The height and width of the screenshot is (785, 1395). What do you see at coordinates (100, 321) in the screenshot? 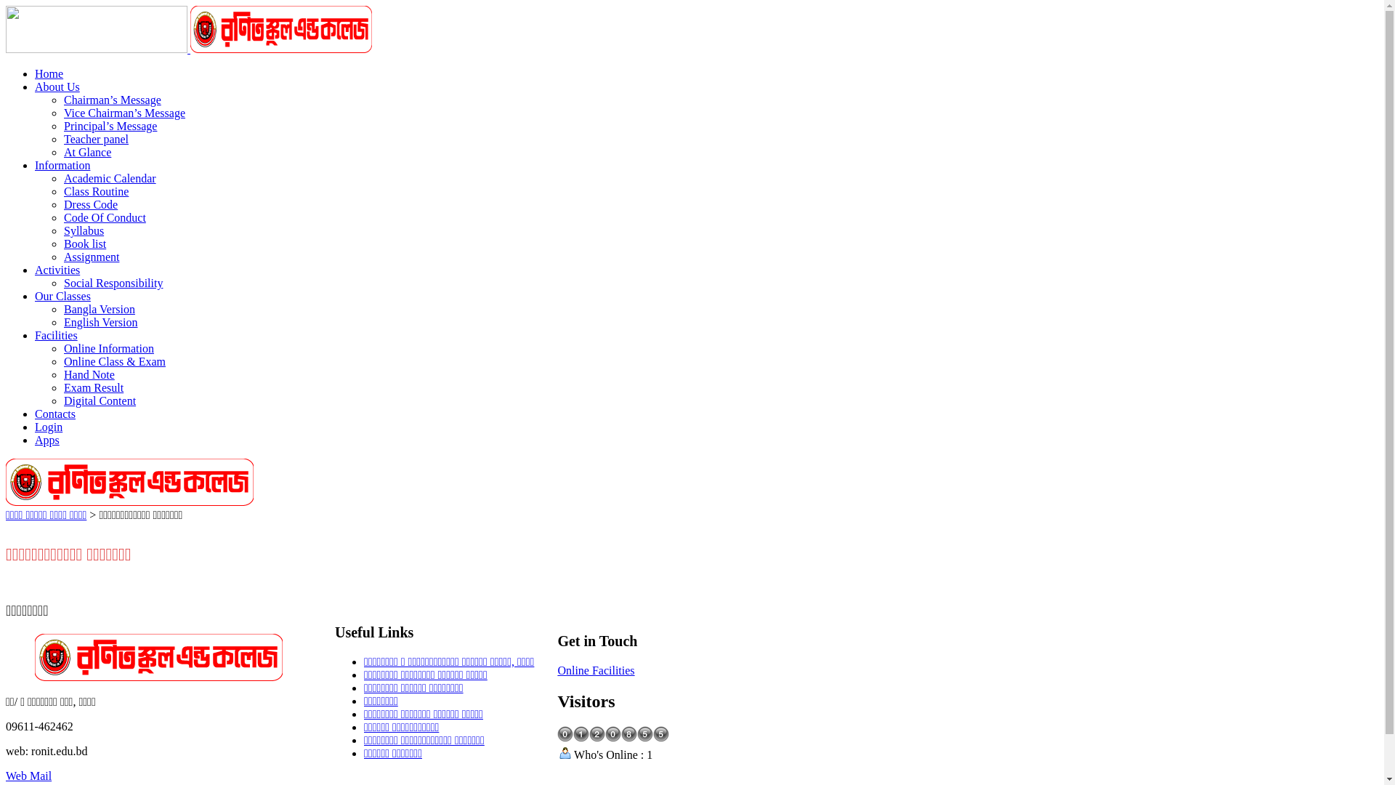
I see `'English Version'` at bounding box center [100, 321].